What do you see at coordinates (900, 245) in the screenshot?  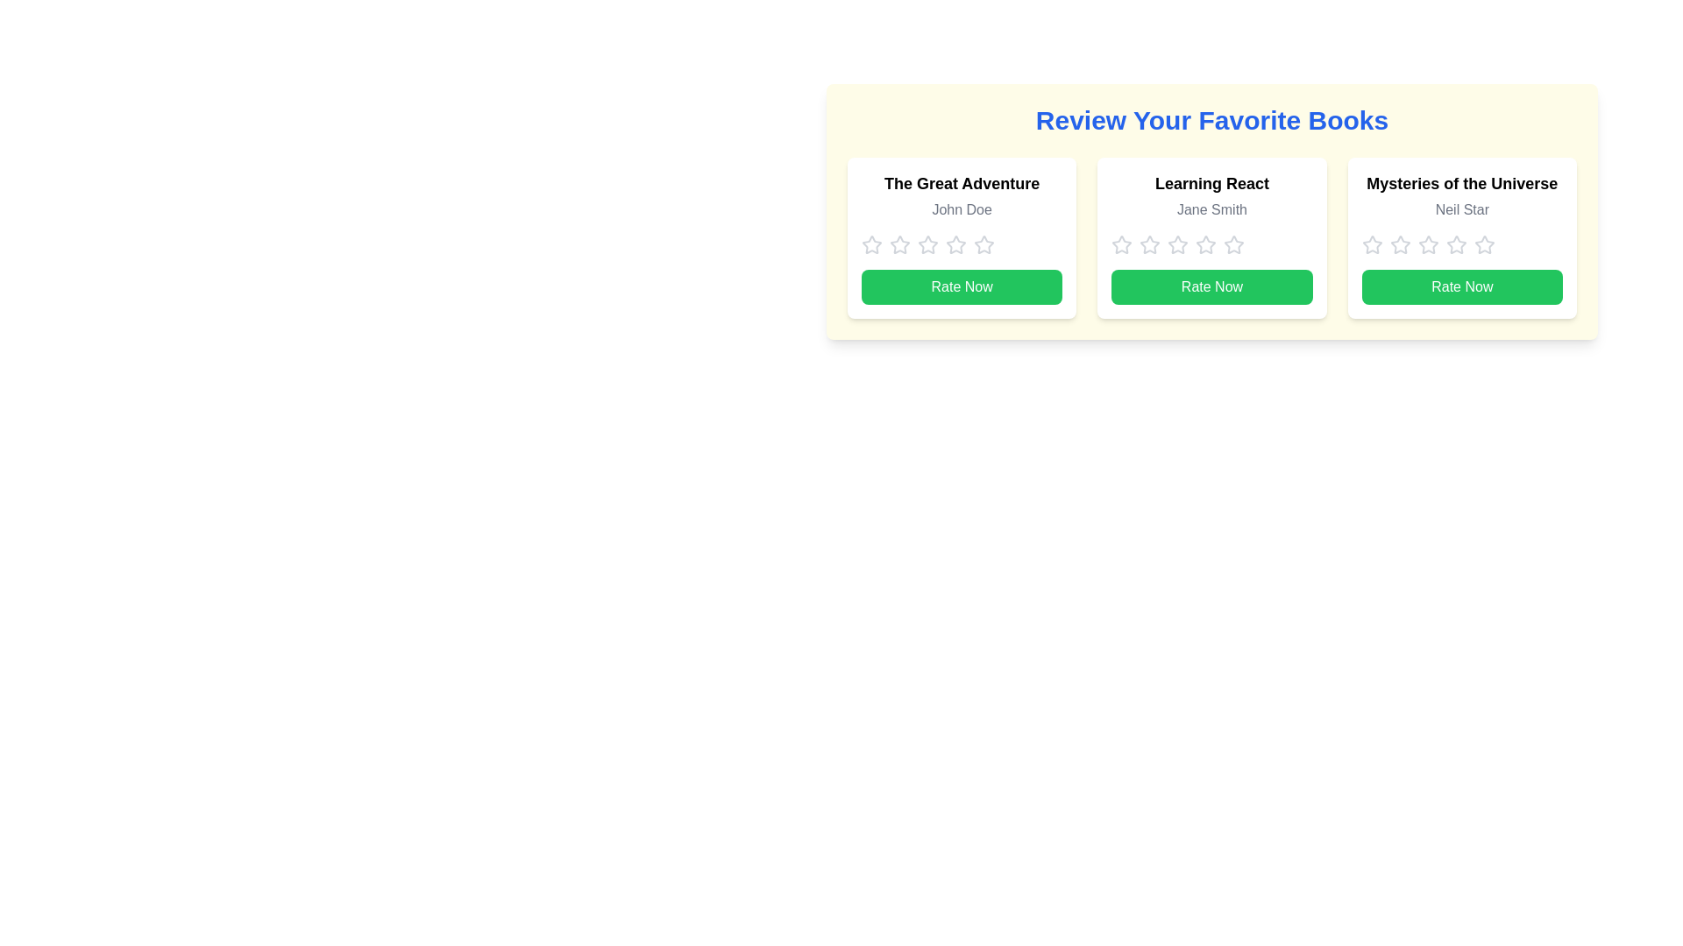 I see `the second star in the rating system` at bounding box center [900, 245].